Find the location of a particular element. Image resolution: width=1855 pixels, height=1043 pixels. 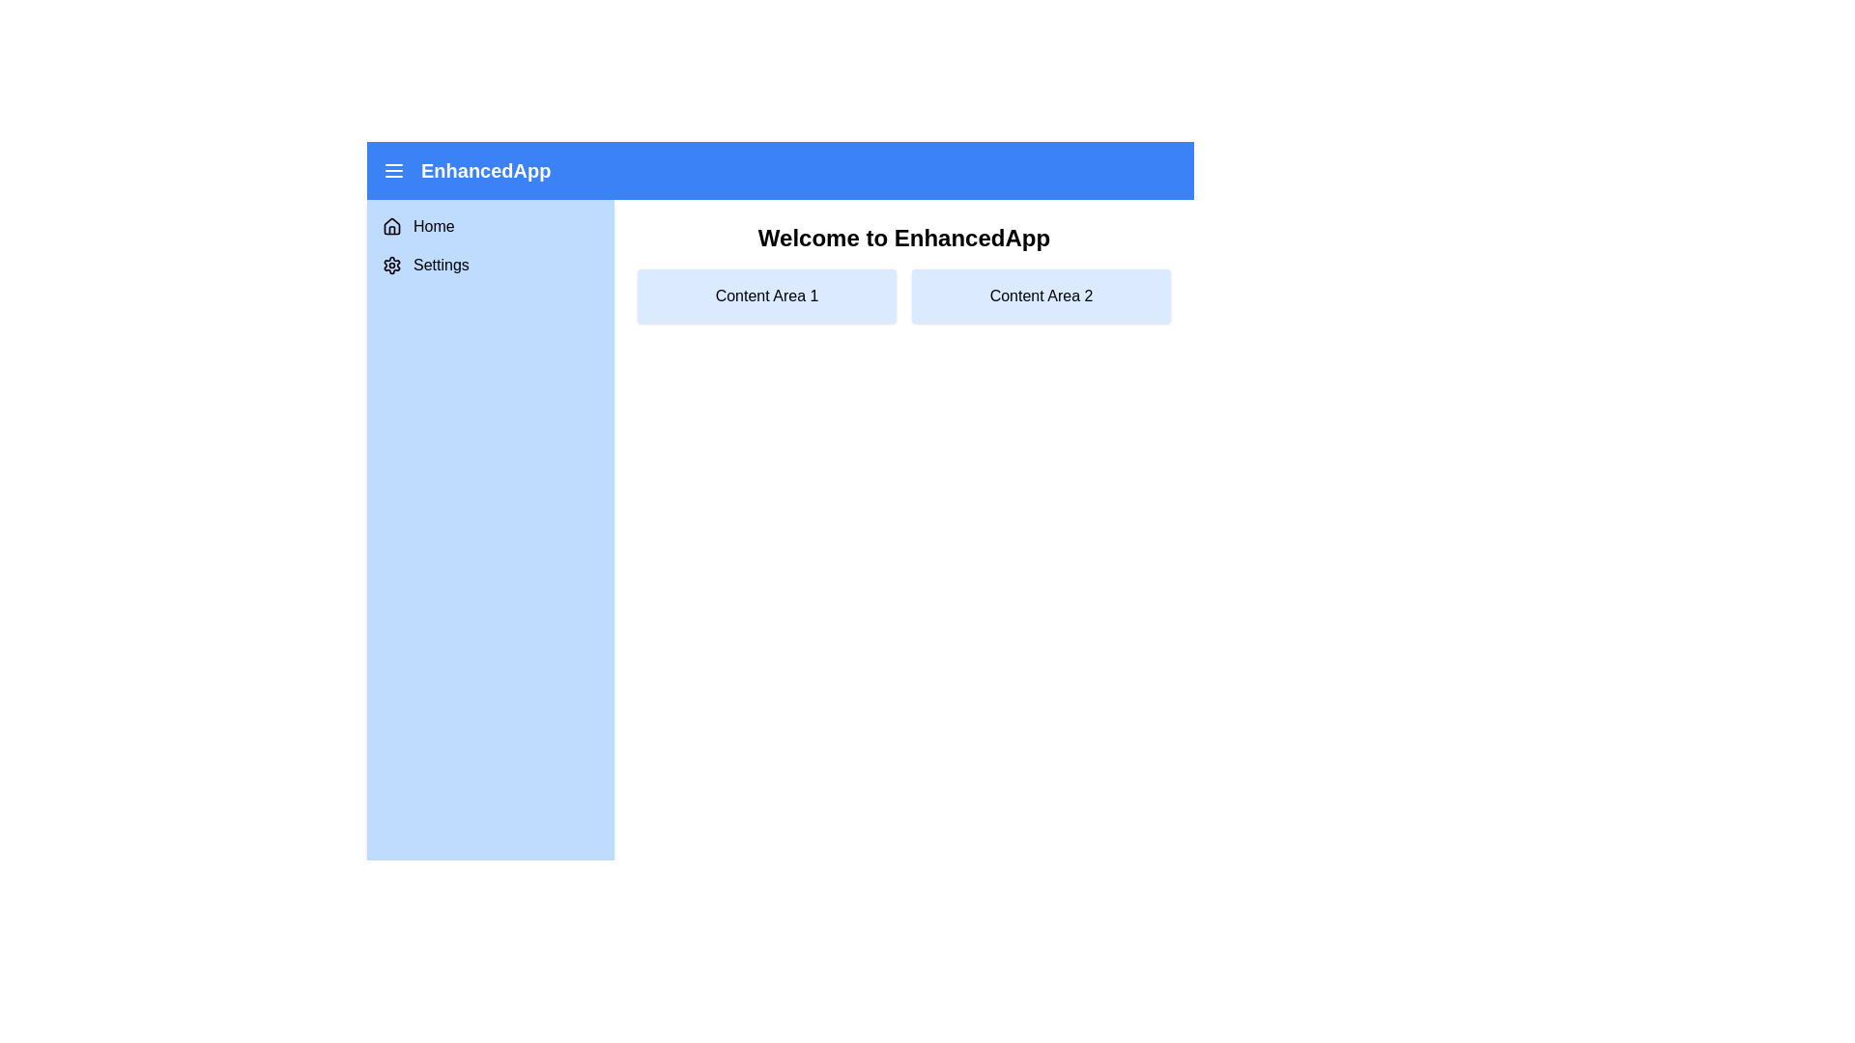

the static content block with a light blue background containing the text 'Content Area 1' is located at coordinates (765, 296).